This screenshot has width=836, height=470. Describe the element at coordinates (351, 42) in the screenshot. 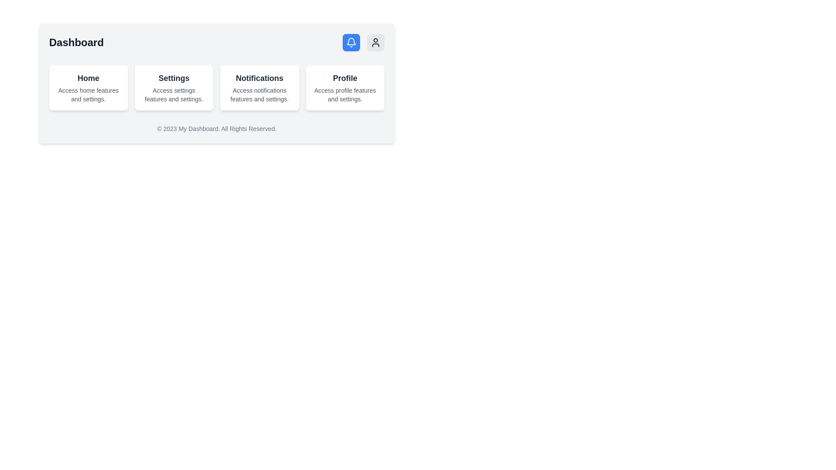

I see `the notification bell icon located in the top-right section of the interface, inside a rounded blue button` at that location.